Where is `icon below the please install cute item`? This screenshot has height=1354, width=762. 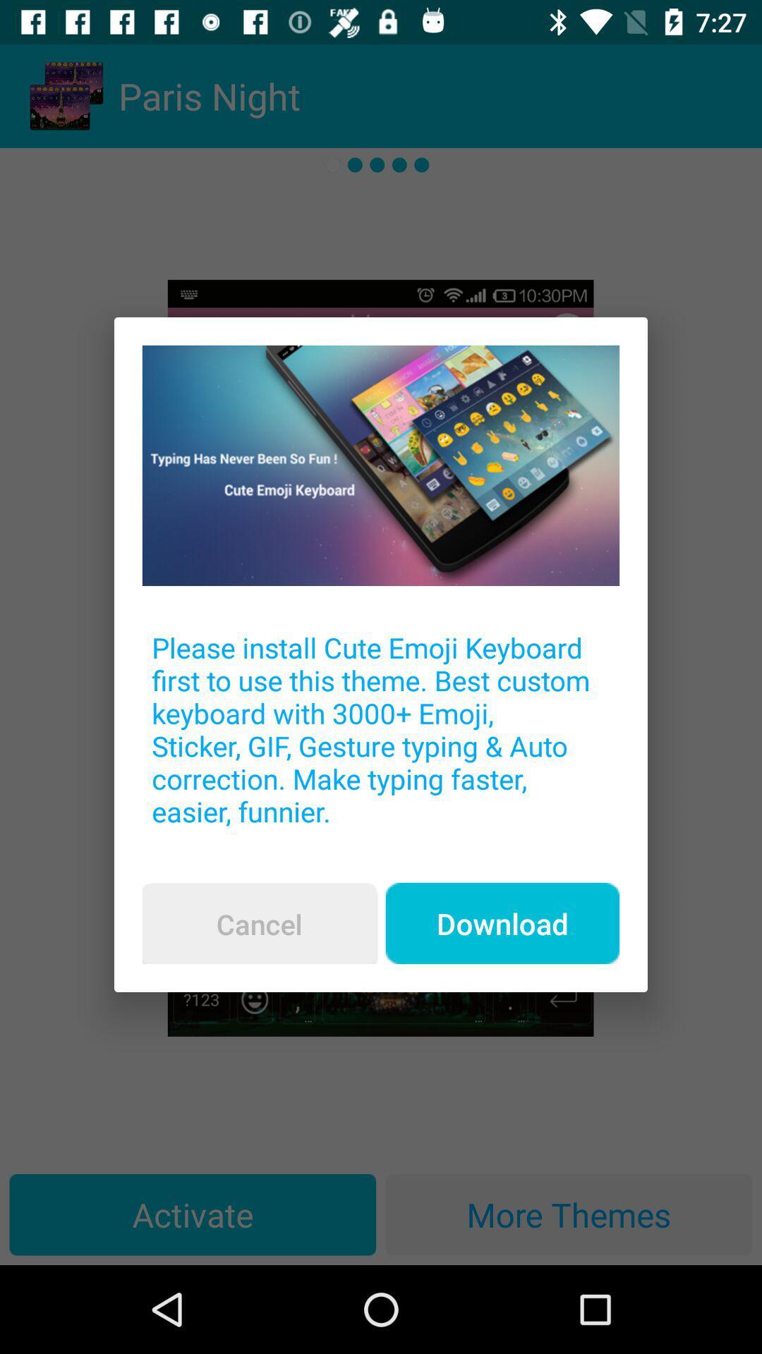
icon below the please install cute item is located at coordinates (259, 924).